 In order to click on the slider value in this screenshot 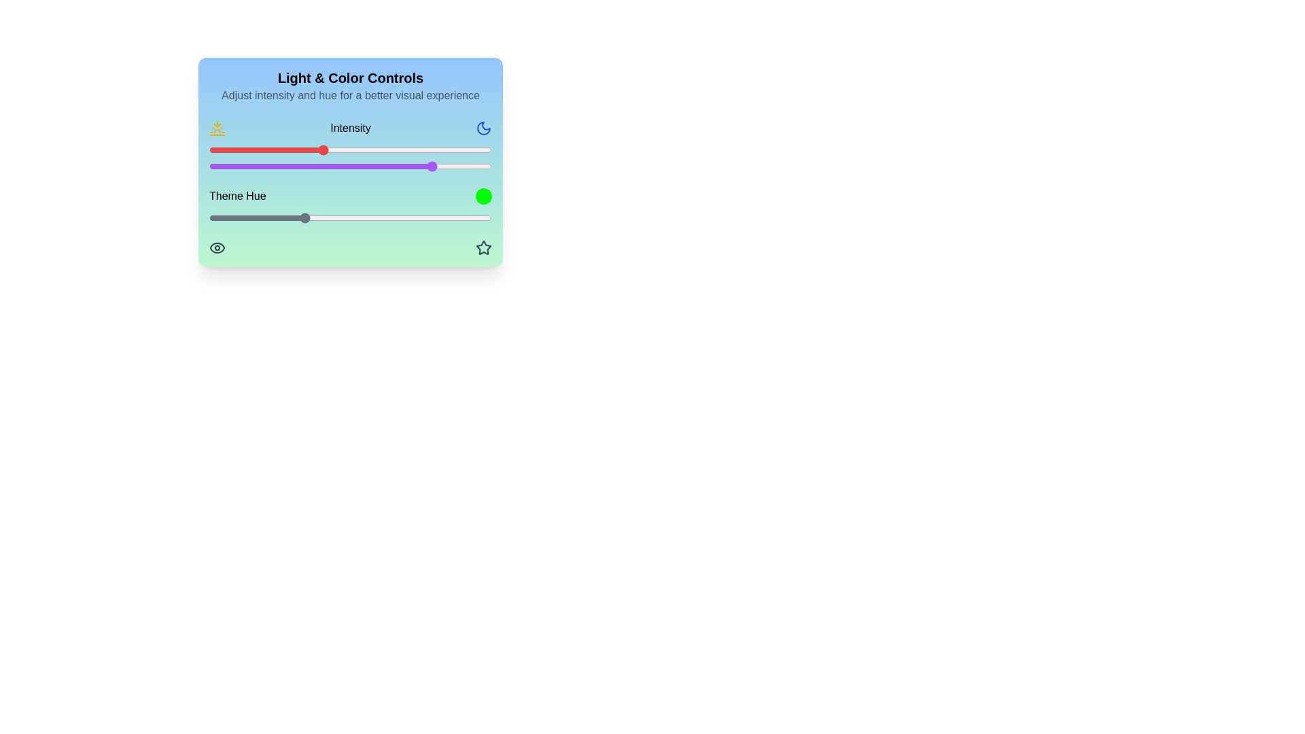, I will do `click(305, 217)`.